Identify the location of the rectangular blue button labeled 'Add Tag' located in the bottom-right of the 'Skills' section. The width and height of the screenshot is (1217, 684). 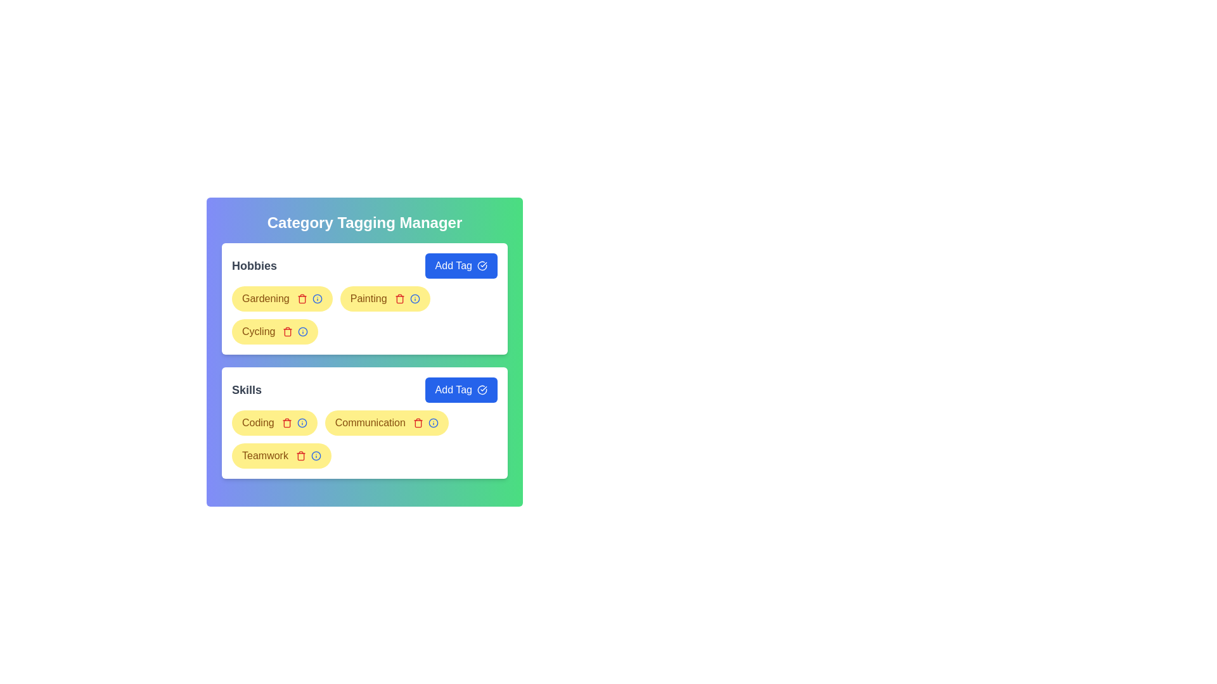
(460, 389).